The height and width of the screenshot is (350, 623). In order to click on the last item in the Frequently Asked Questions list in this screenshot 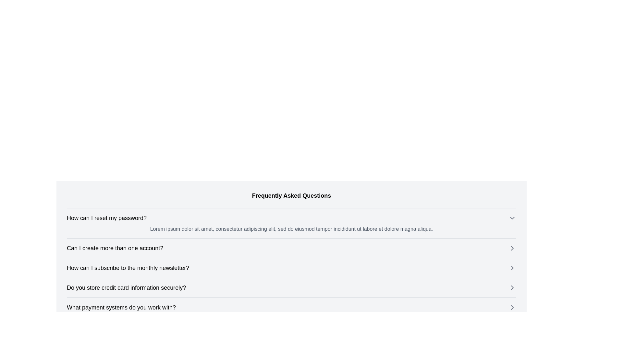, I will do `click(291, 307)`.